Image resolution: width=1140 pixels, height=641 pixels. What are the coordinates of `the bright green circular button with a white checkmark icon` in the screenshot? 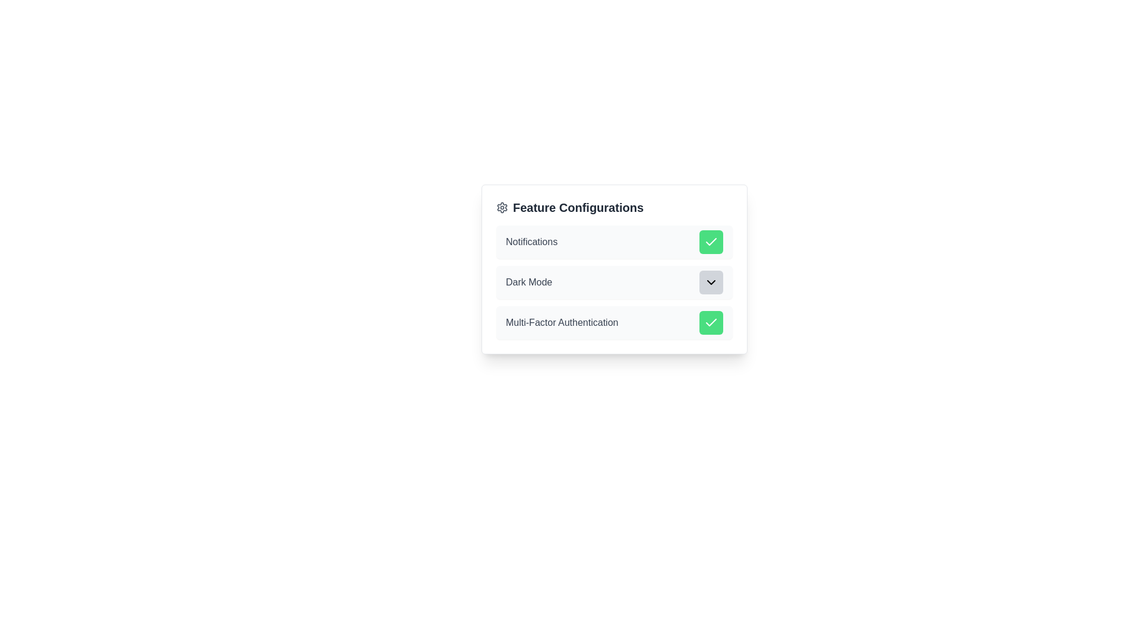 It's located at (711, 322).